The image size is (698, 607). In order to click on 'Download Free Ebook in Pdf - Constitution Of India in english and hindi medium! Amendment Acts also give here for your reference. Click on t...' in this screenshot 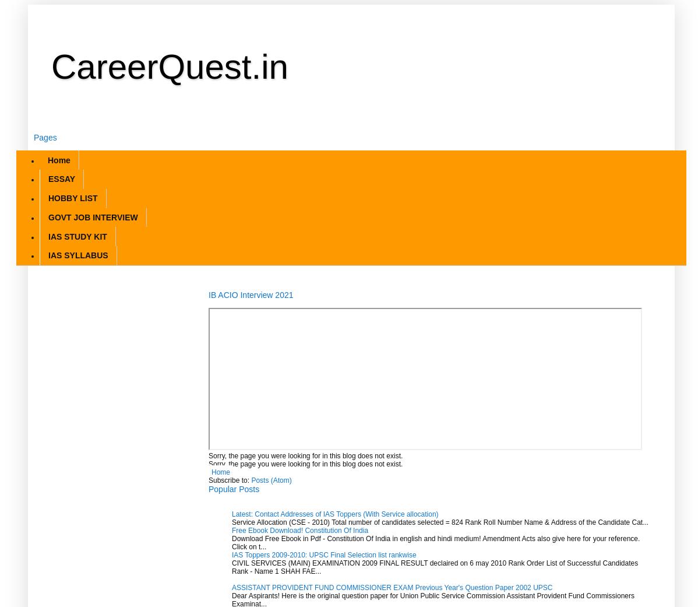, I will do `click(435, 542)`.